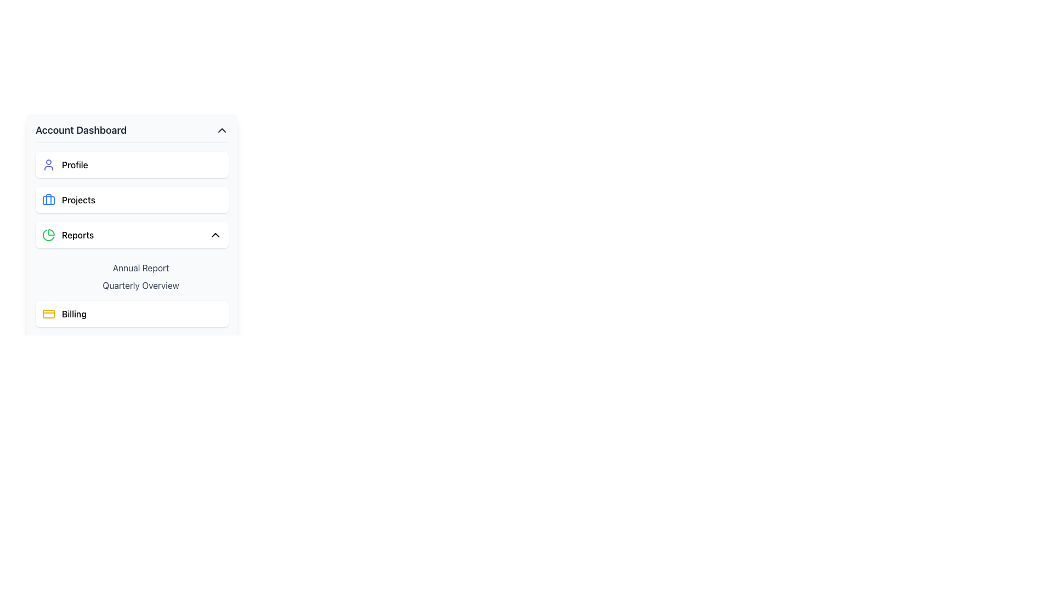 The height and width of the screenshot is (592, 1053). Describe the element at coordinates (48, 199) in the screenshot. I see `the left vertical side of the briefcase icon in the Account Dashboard menu, adjacent to the 'Projects' text` at that location.